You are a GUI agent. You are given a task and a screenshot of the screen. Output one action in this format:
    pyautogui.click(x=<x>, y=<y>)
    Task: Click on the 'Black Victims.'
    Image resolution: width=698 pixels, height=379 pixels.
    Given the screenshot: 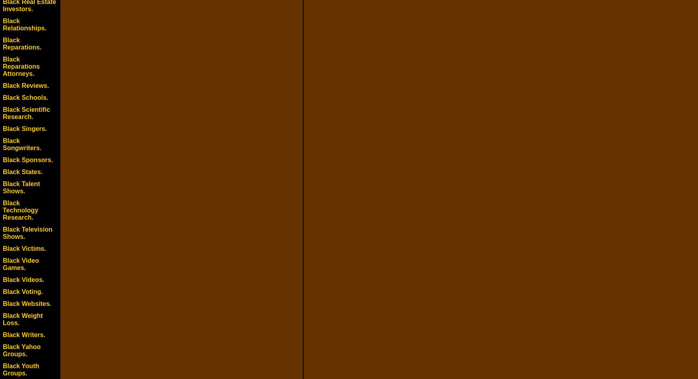 What is the action you would take?
    pyautogui.click(x=2, y=248)
    